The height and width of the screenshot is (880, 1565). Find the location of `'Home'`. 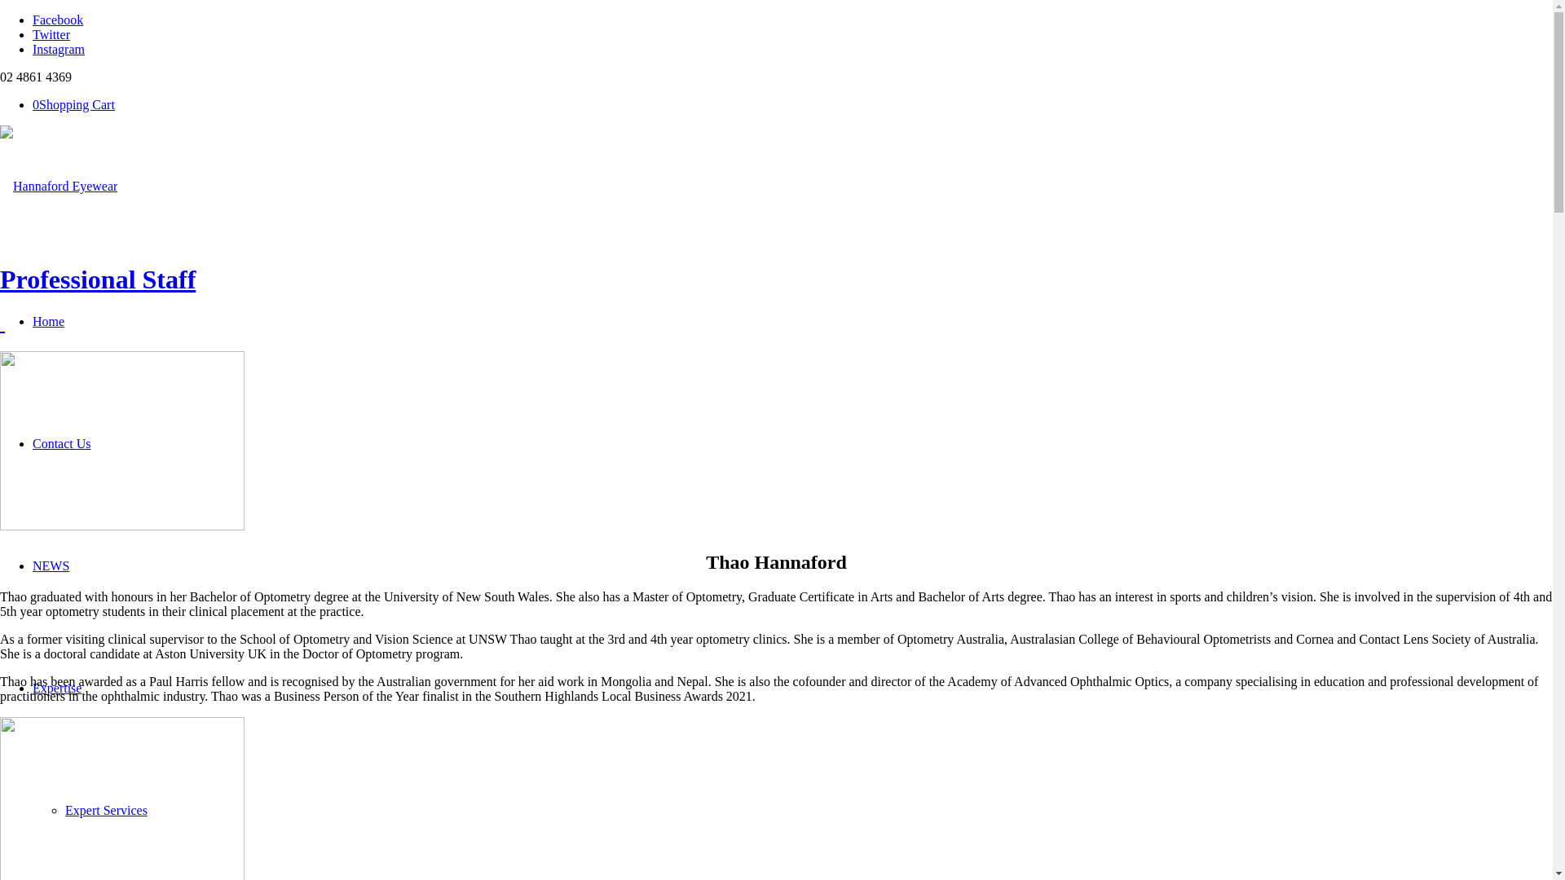

'Home' is located at coordinates (48, 321).